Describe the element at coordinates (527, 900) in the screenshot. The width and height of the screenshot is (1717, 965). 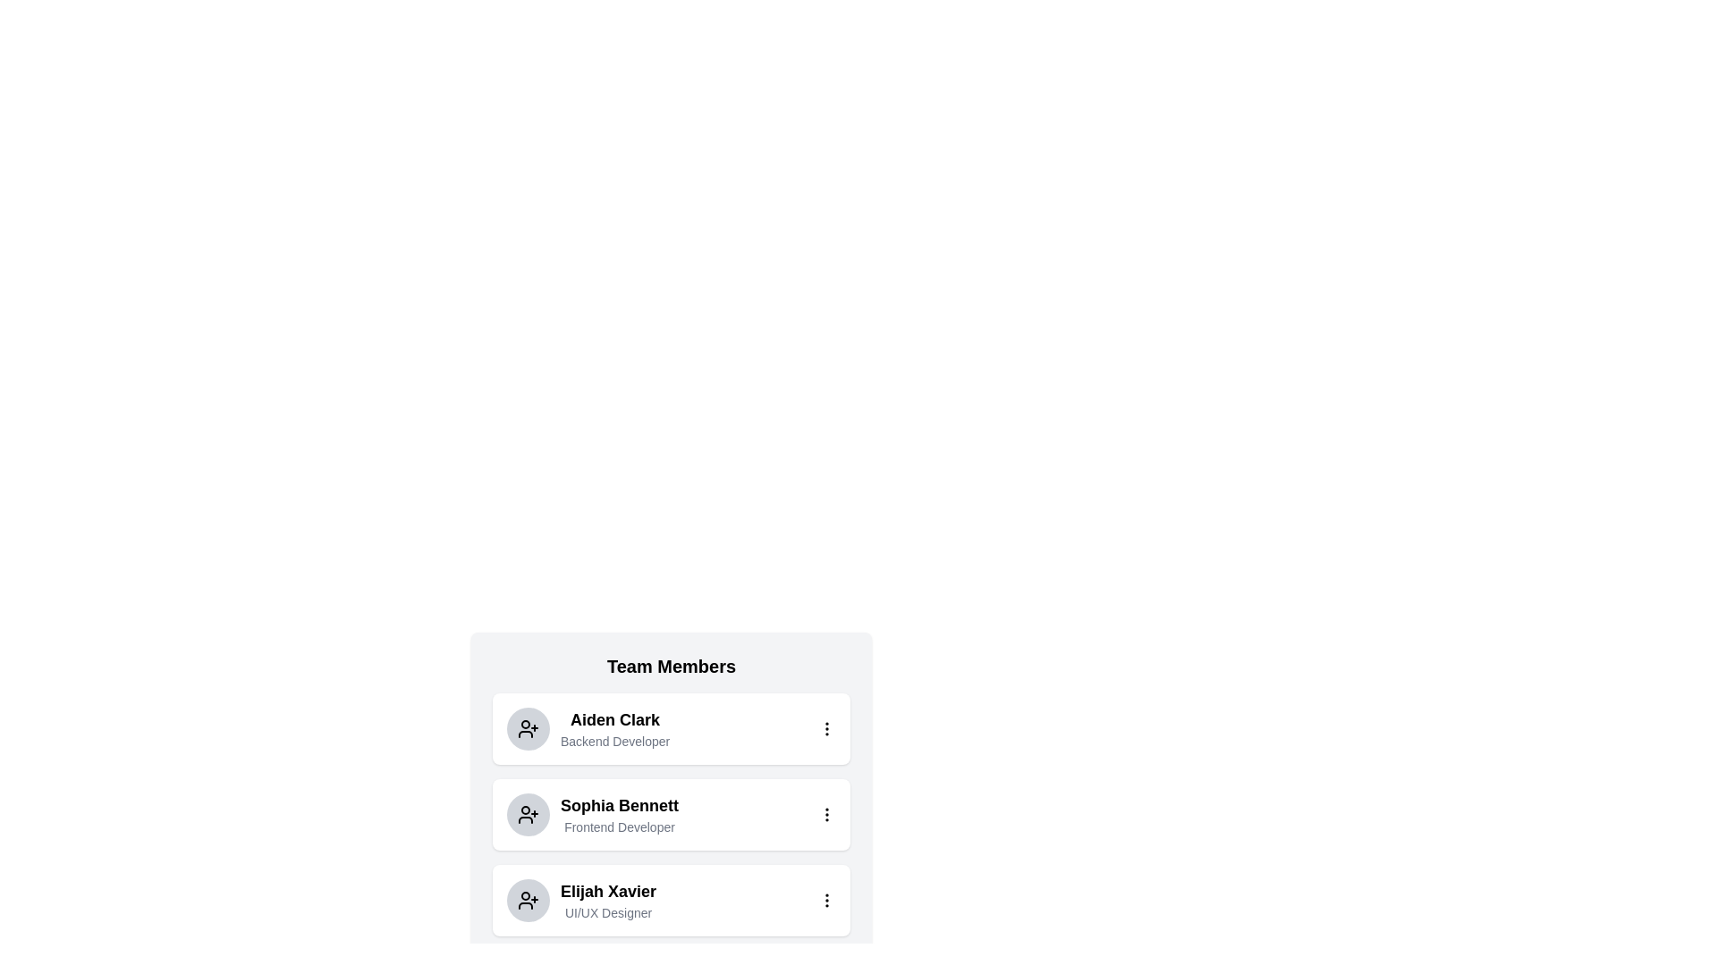
I see `the circular icon button with a gray background and a user symbol plus sign, located under the 'Team Members' section next to 'Elijah Xavier UI/UX Designer'` at that location.